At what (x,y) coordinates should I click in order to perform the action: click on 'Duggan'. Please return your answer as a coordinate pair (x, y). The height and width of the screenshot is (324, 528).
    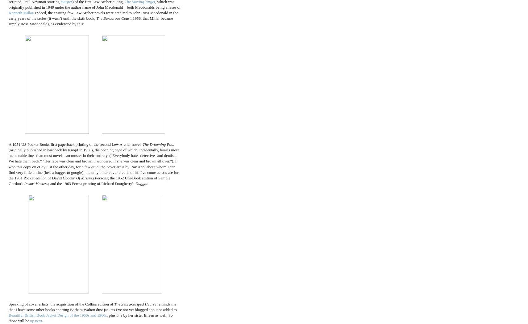
    Looking at the image, I should click on (142, 183).